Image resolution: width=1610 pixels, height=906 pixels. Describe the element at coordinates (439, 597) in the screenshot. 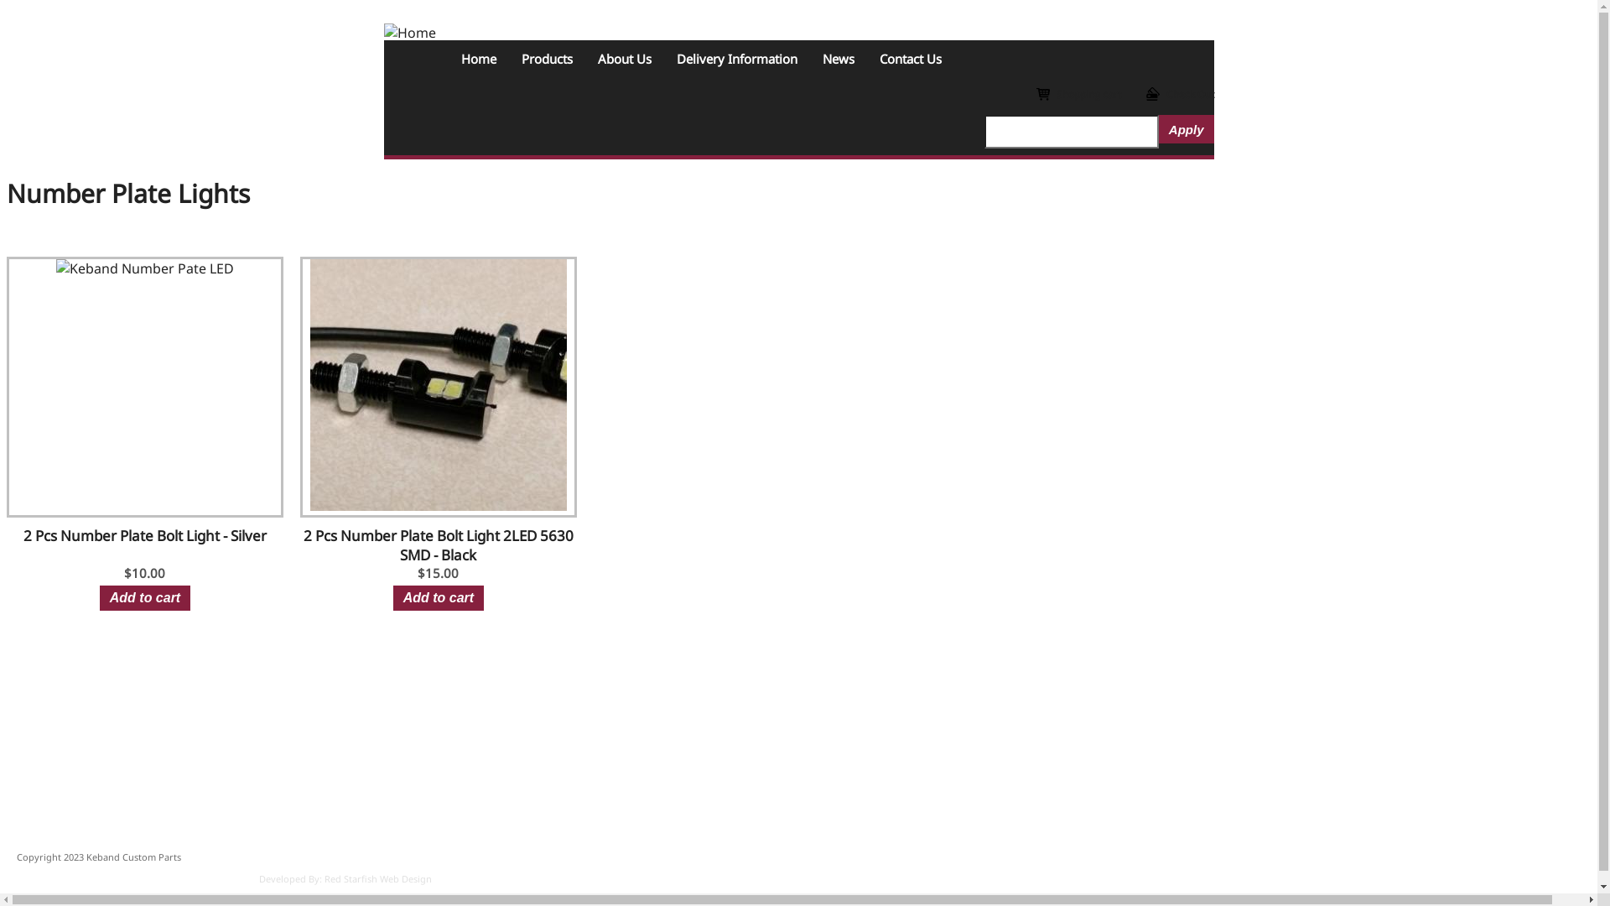

I see `'Add to cart'` at that location.